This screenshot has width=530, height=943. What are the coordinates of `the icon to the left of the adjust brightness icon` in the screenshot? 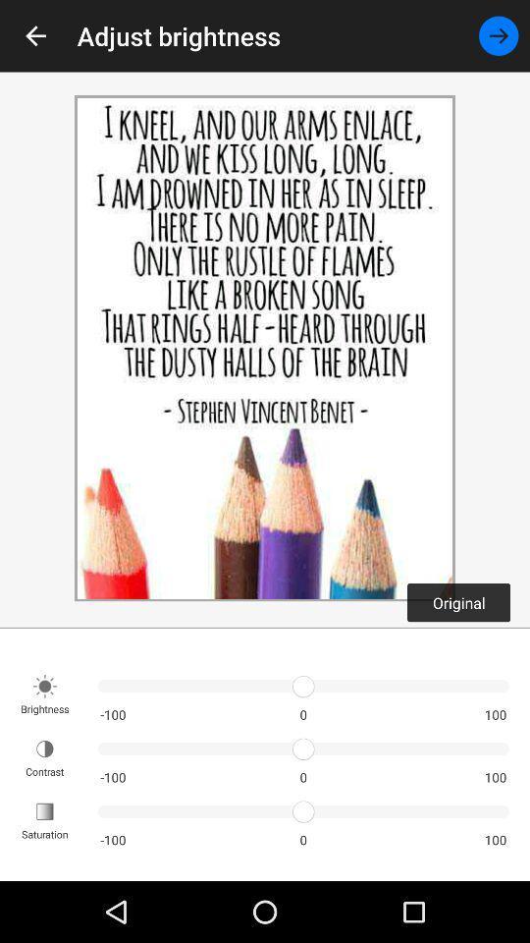 It's located at (35, 34).